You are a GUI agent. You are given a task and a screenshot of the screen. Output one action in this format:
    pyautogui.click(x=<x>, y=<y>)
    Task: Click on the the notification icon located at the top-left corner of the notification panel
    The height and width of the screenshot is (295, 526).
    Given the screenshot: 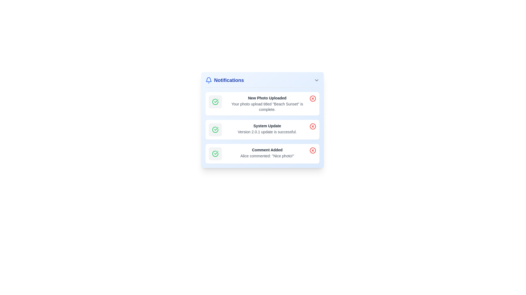 What is the action you would take?
    pyautogui.click(x=208, y=79)
    